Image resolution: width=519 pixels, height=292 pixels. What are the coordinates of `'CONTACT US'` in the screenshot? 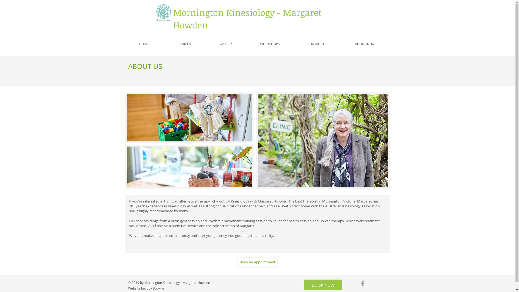 It's located at (317, 44).